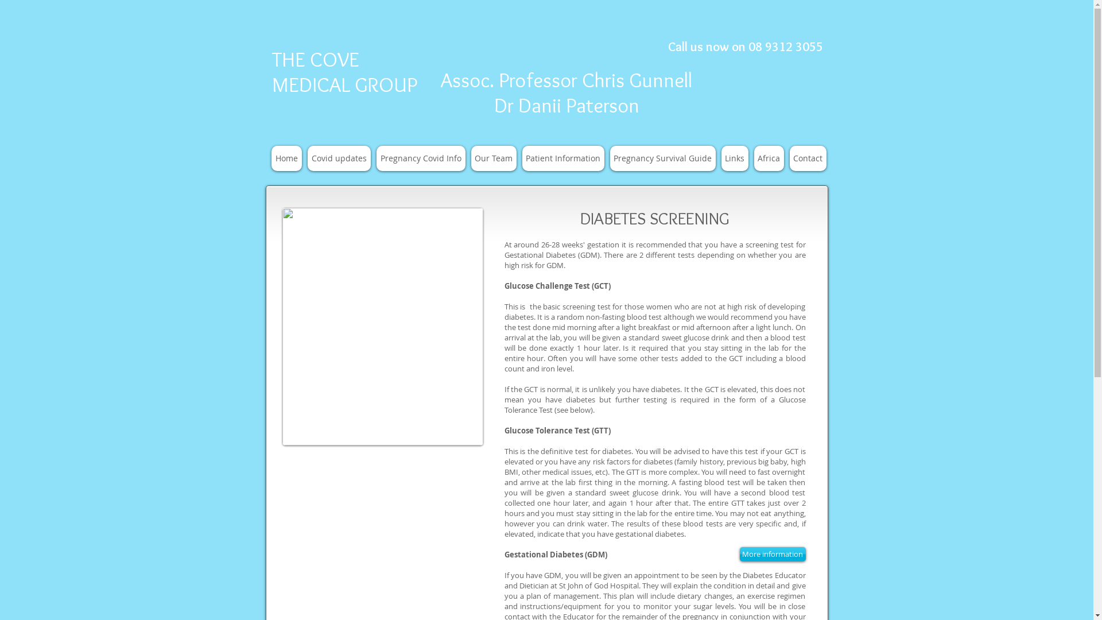 The height and width of the screenshot is (620, 1102). I want to click on 'Home', so click(270, 158).